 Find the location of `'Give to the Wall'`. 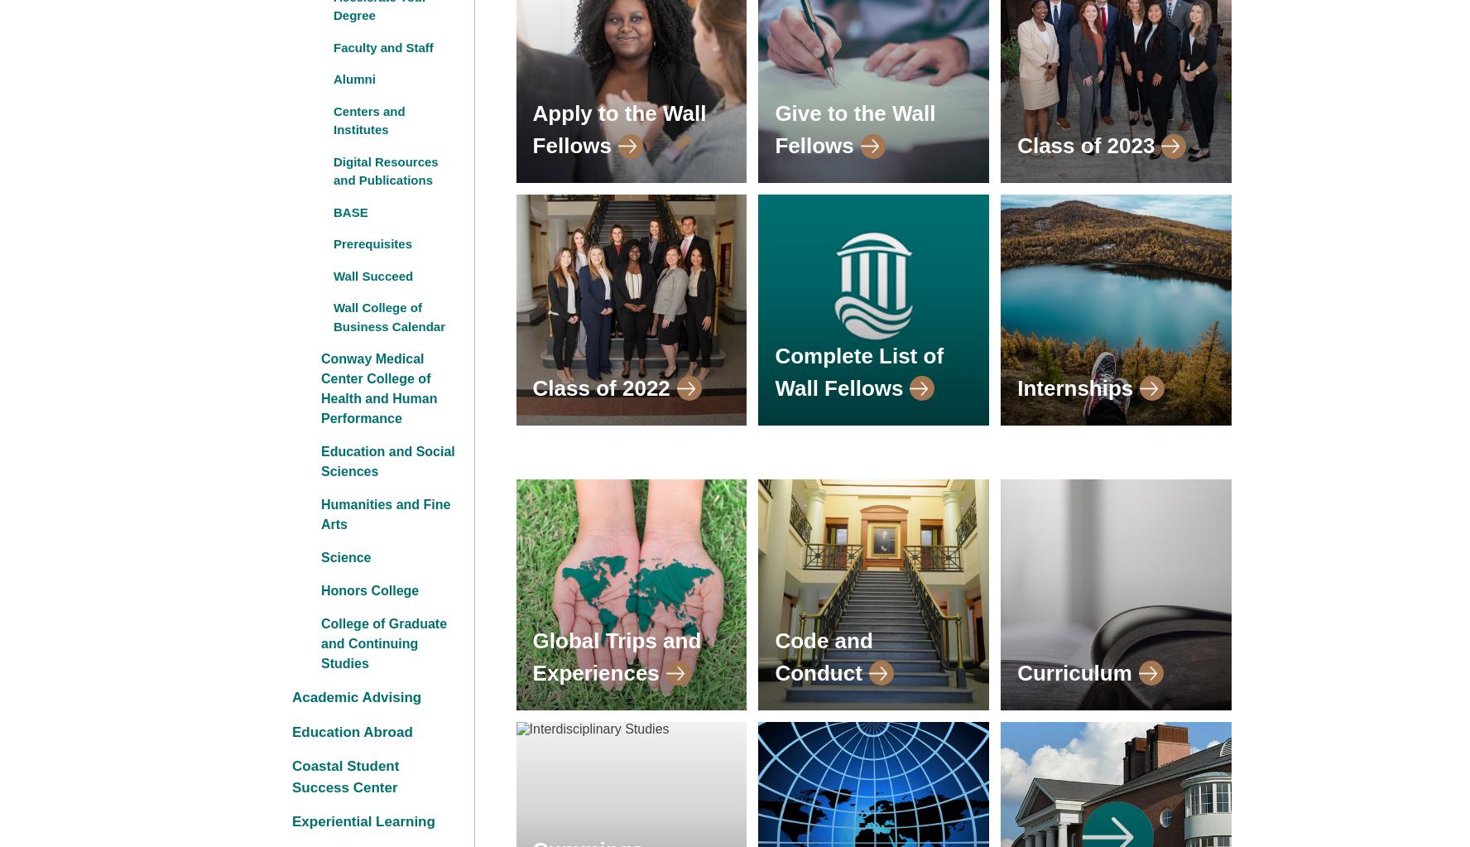

'Give to the Wall' is located at coordinates (854, 112).